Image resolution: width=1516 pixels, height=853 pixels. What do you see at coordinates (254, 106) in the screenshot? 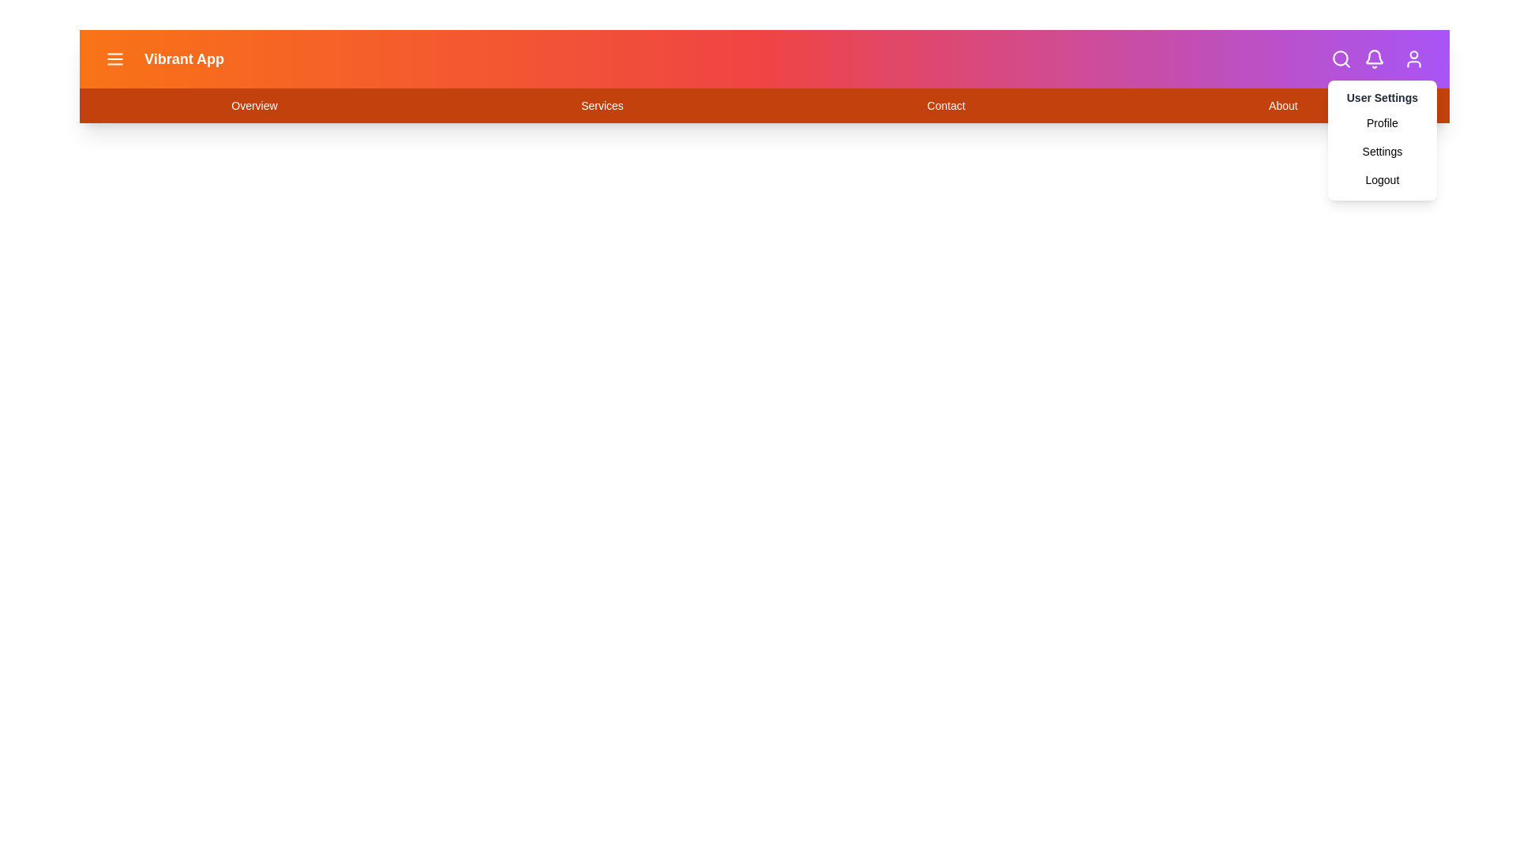
I see `the navigation link labeled Overview` at bounding box center [254, 106].